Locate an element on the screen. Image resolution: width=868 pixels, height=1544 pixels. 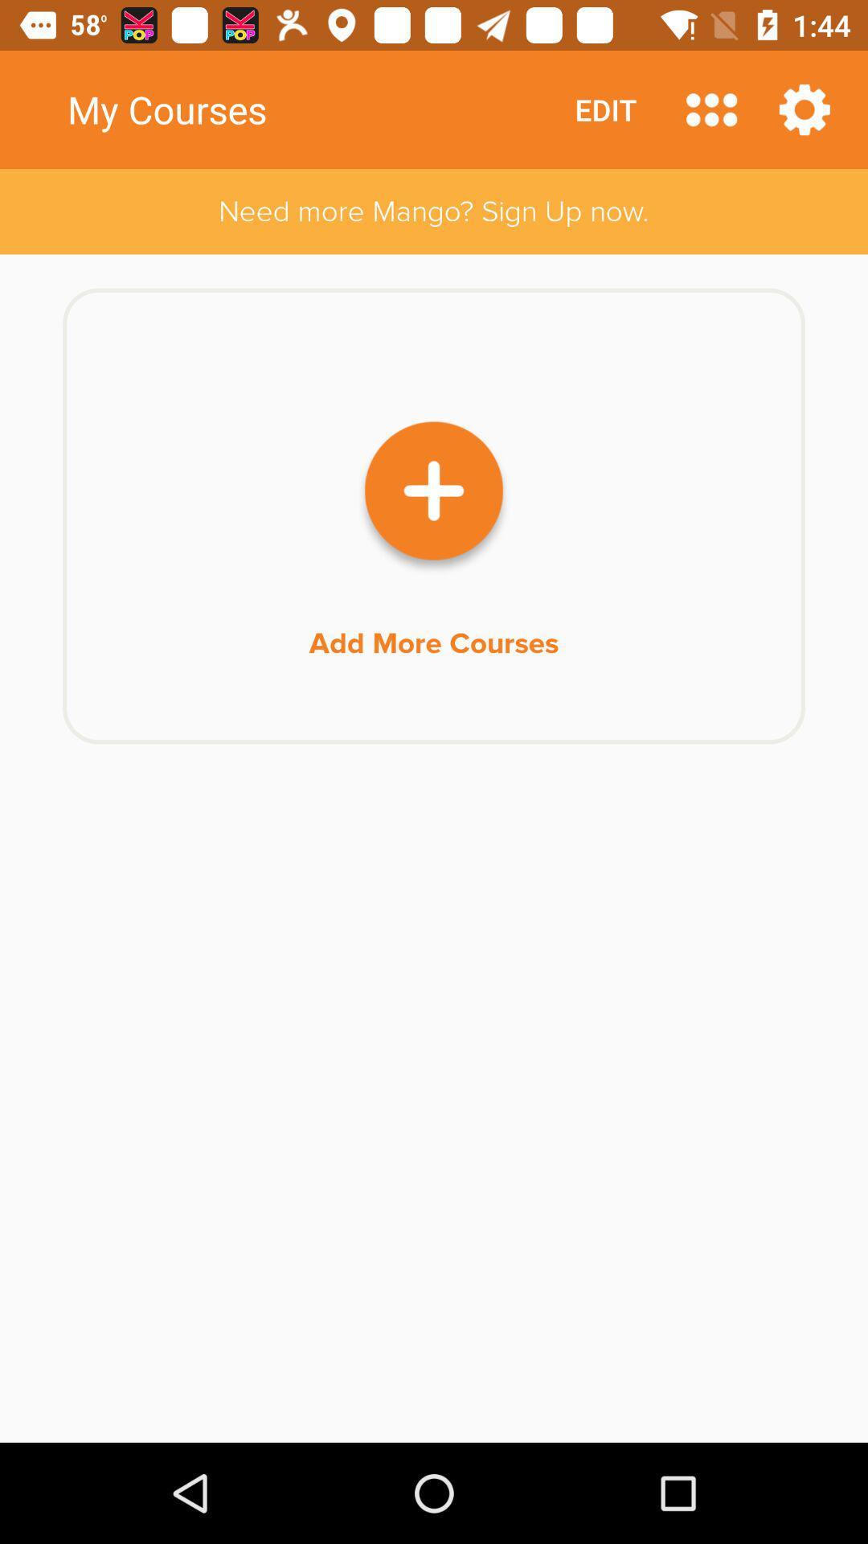
icon above the need more mango item is located at coordinates (605, 109).